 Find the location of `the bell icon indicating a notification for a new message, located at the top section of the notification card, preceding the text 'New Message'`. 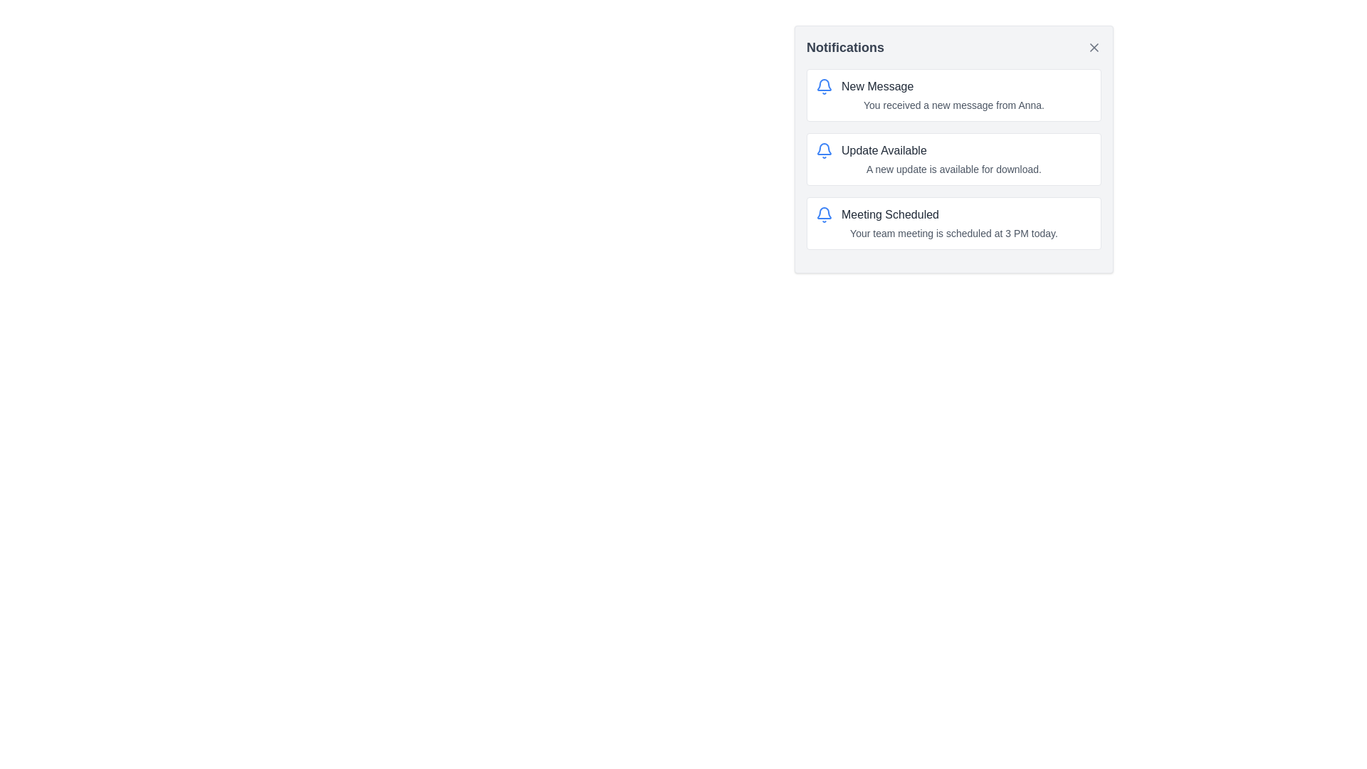

the bell icon indicating a notification for a new message, located at the top section of the notification card, preceding the text 'New Message' is located at coordinates (824, 87).